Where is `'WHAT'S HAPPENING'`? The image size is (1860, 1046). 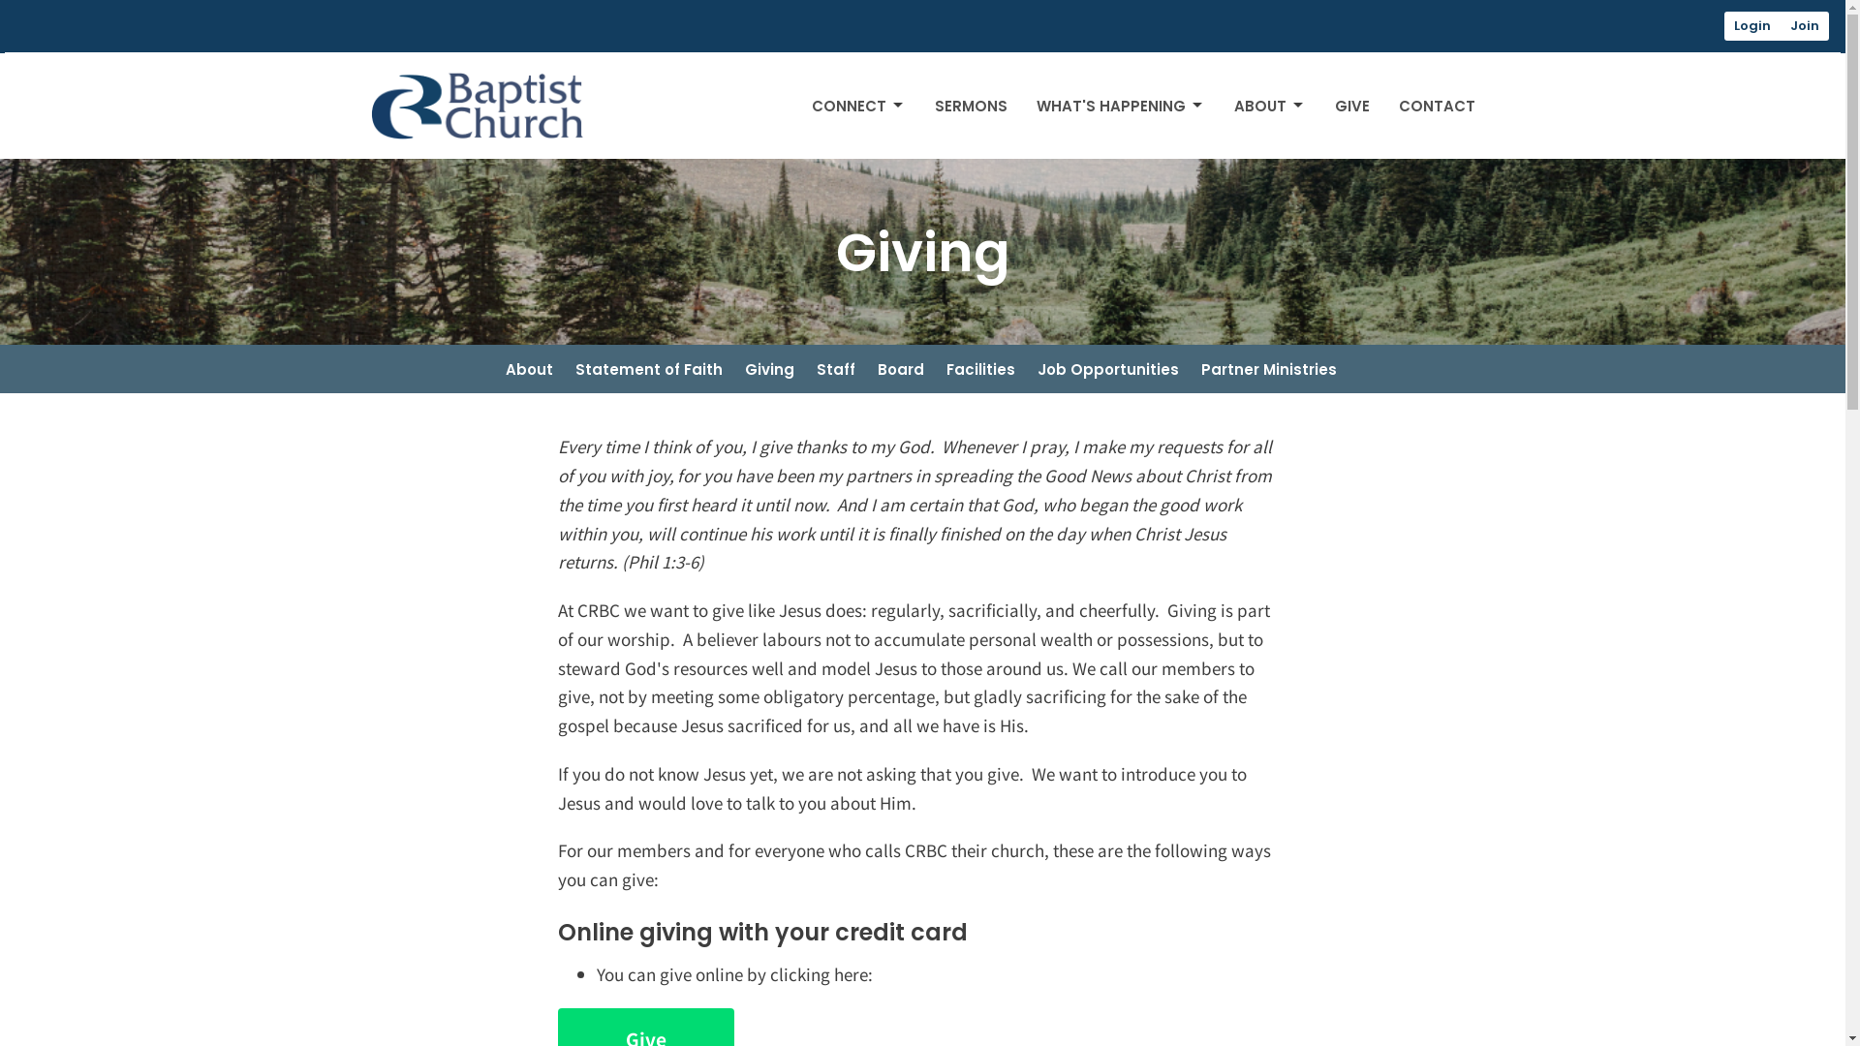 'WHAT'S HAPPENING' is located at coordinates (1120, 106).